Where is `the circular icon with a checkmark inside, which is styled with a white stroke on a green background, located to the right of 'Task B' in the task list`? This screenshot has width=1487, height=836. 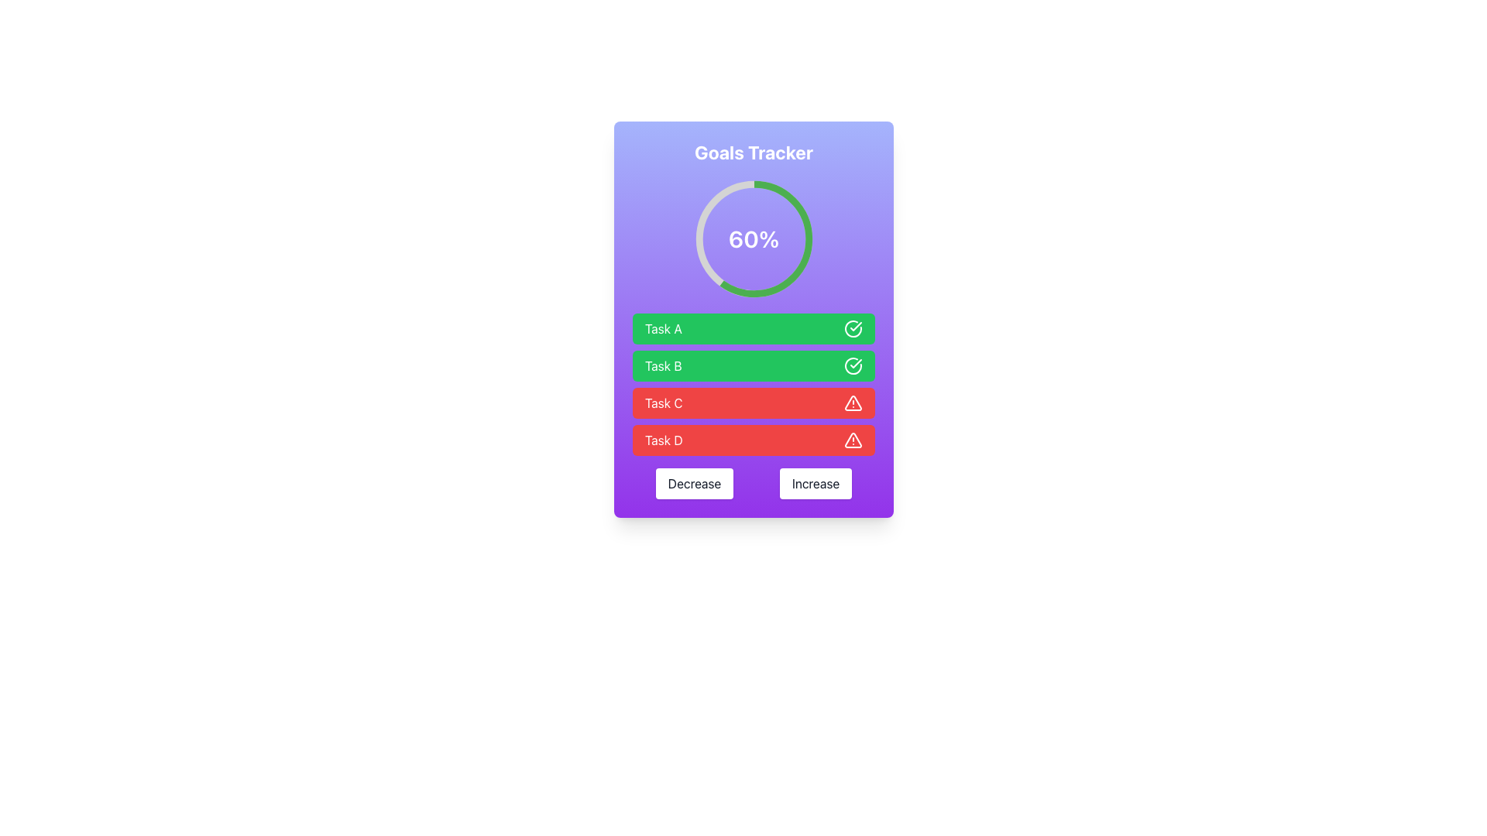 the circular icon with a checkmark inside, which is styled with a white stroke on a green background, located to the right of 'Task B' in the task list is located at coordinates (853, 366).